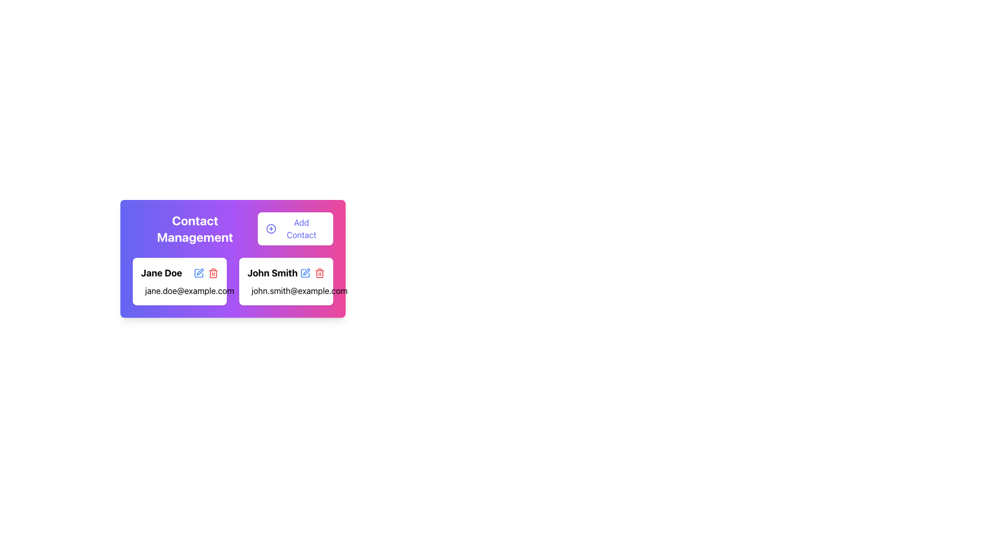  What do you see at coordinates (306, 271) in the screenshot?
I see `the edit icon represented by an SVG element in the top-right corner of the card labeled 'John Smith' to initiate the editing action` at bounding box center [306, 271].